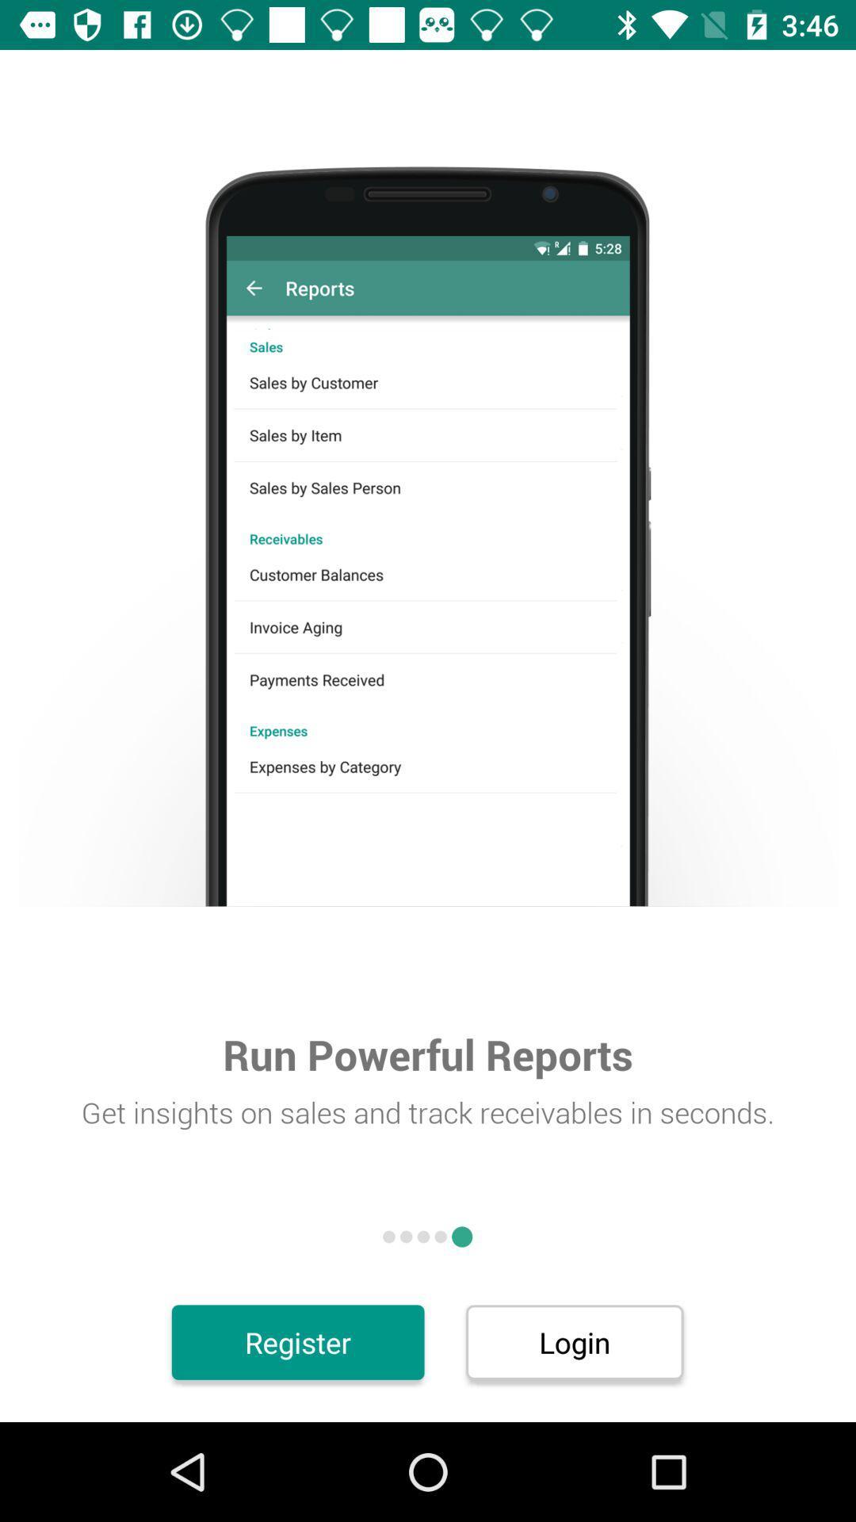  Describe the element at coordinates (575, 1341) in the screenshot. I see `the login item` at that location.